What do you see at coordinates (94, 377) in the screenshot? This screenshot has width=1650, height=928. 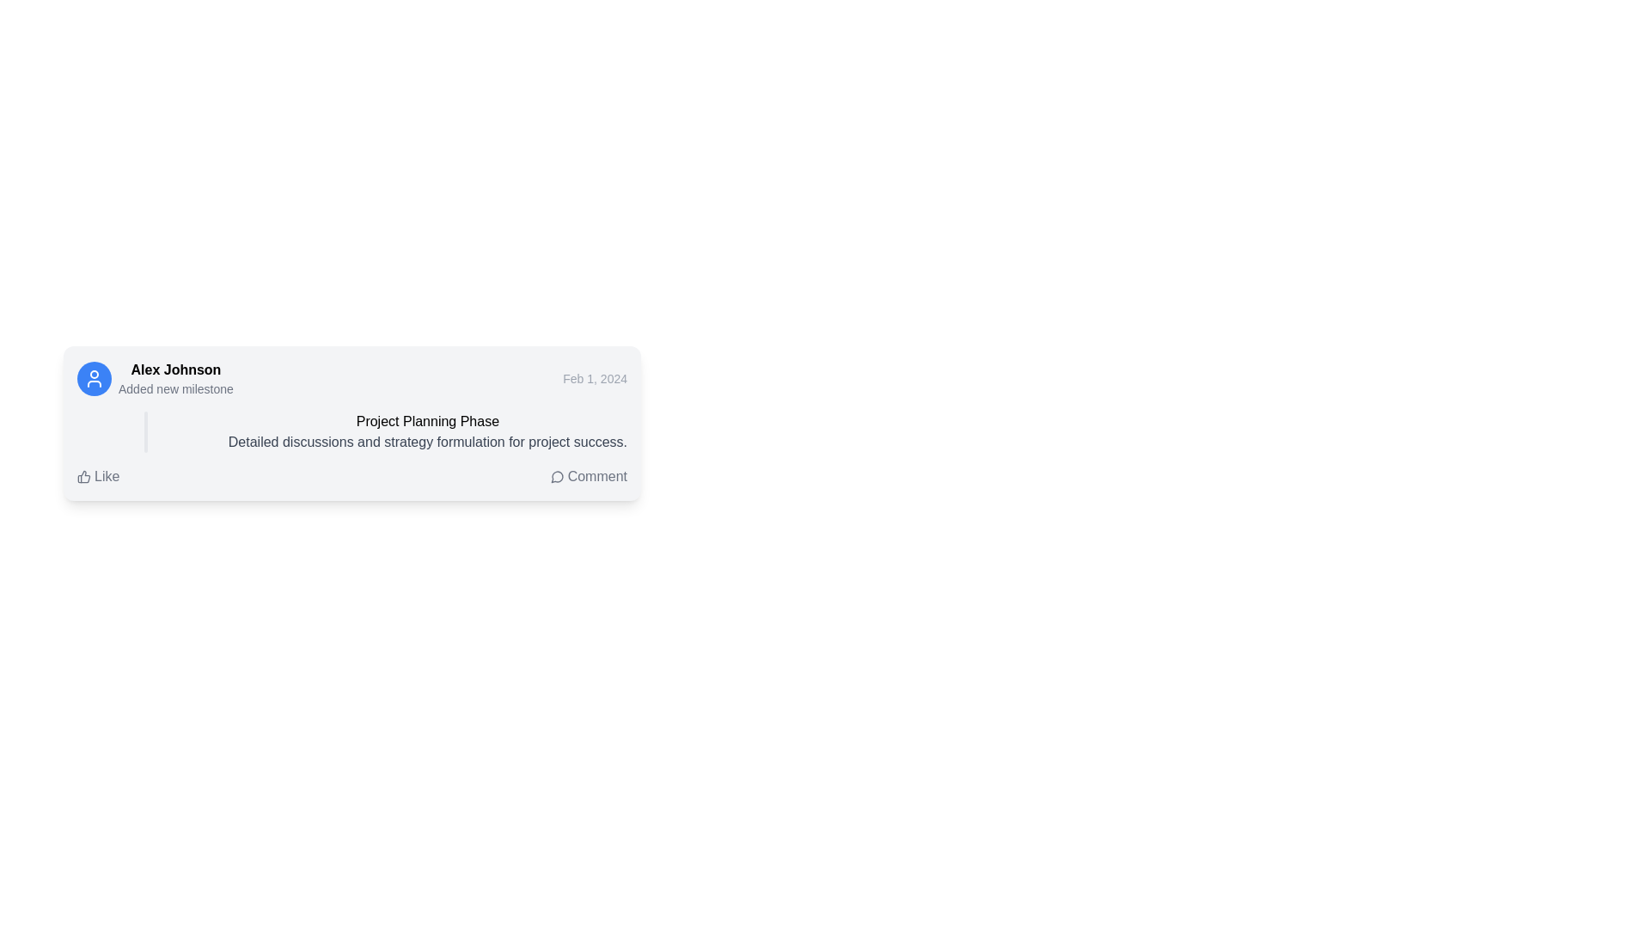 I see `the user icon represented by a circular head and semi-circle body, styled with white strokes on a blue background` at bounding box center [94, 377].